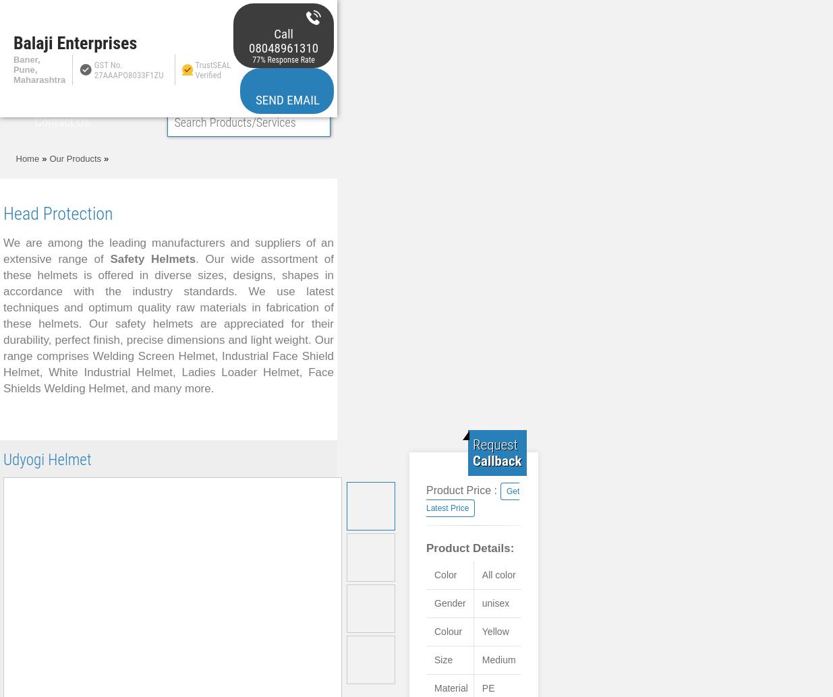  What do you see at coordinates (472, 499) in the screenshot?
I see `'Get Latest Price'` at bounding box center [472, 499].